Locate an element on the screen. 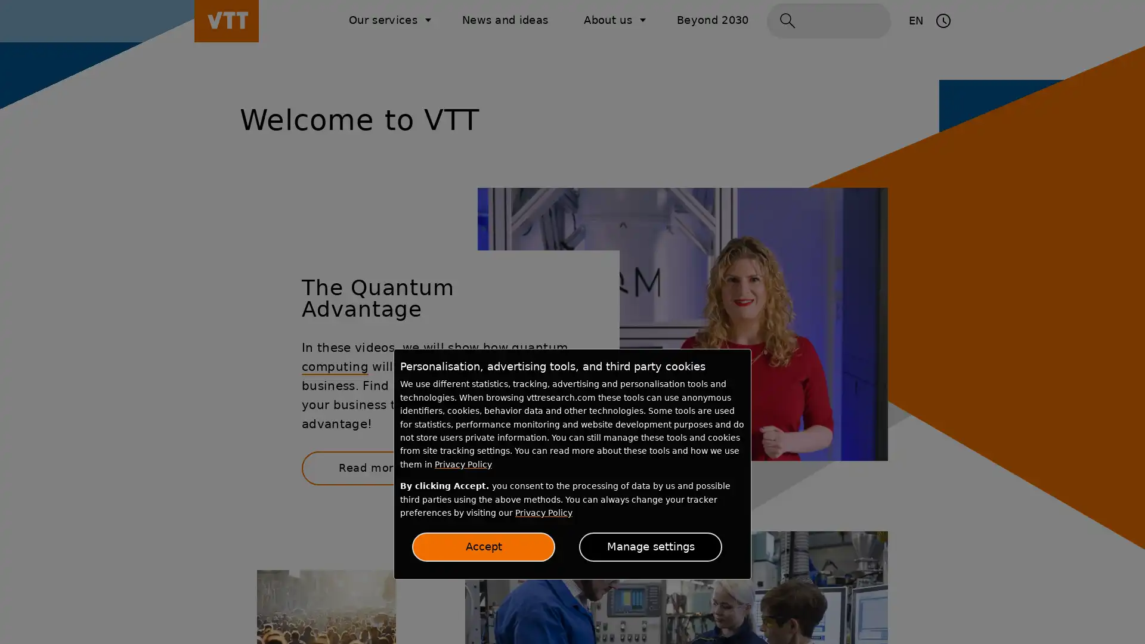 The image size is (1145, 644). Accept is located at coordinates (484, 547).